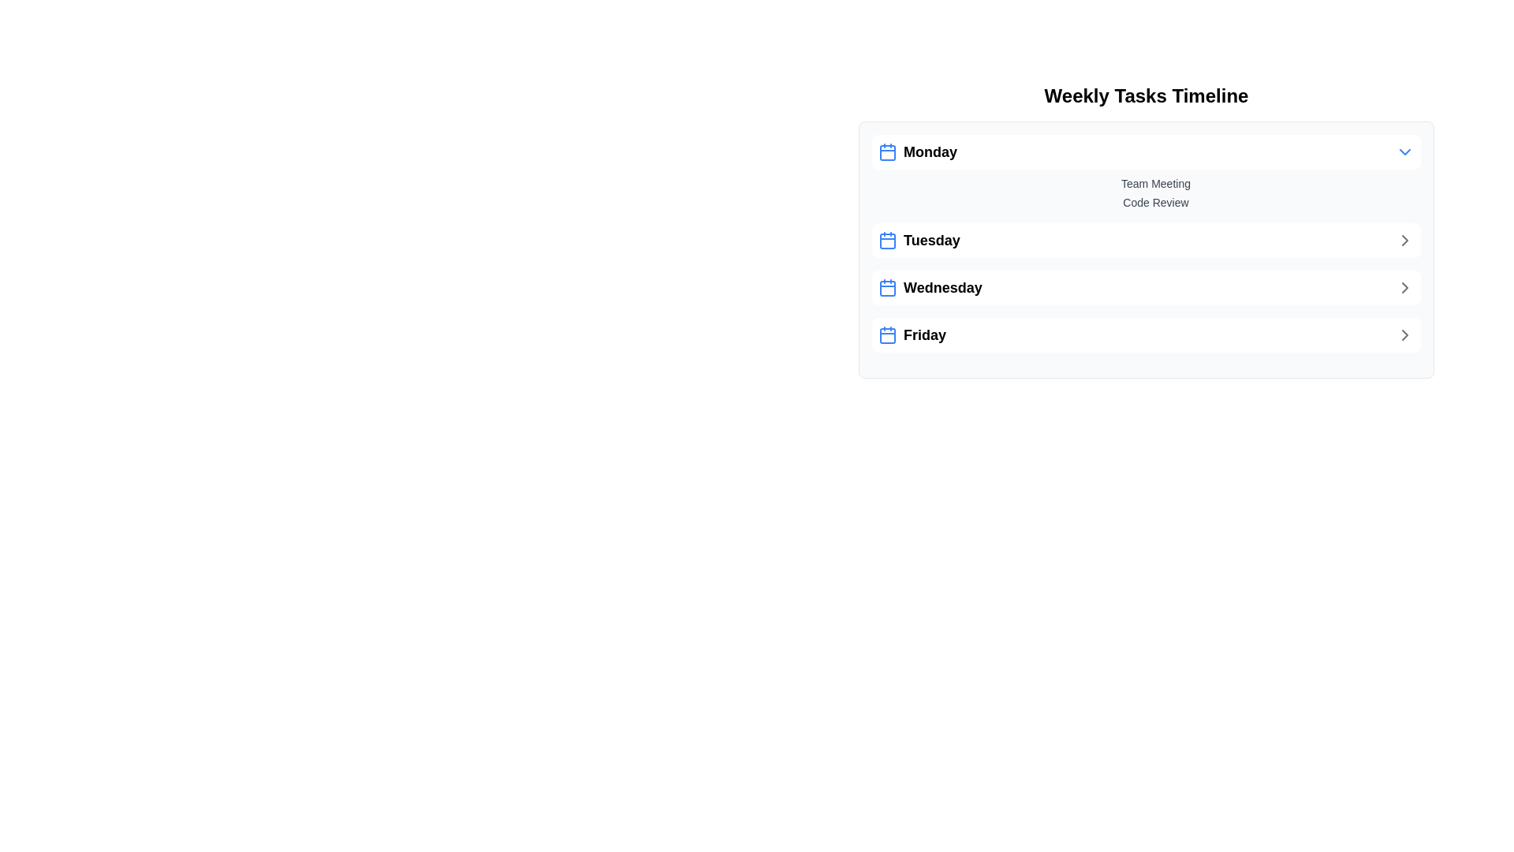 The width and height of the screenshot is (1514, 852). Describe the element at coordinates (1404, 151) in the screenshot. I see `the Chevron Down icon located in the upper-right corner of the 'Monday' section within the 'Weekly Tasks Timeline'` at that location.